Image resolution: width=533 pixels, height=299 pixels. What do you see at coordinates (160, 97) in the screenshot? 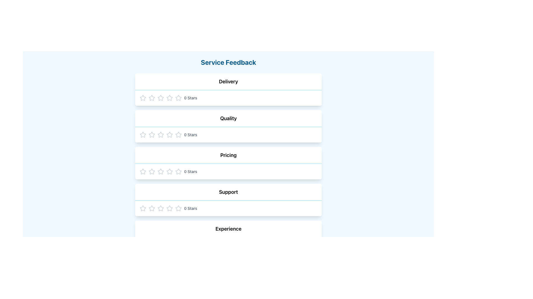
I see `the second star in the Delivery feedback section` at bounding box center [160, 97].